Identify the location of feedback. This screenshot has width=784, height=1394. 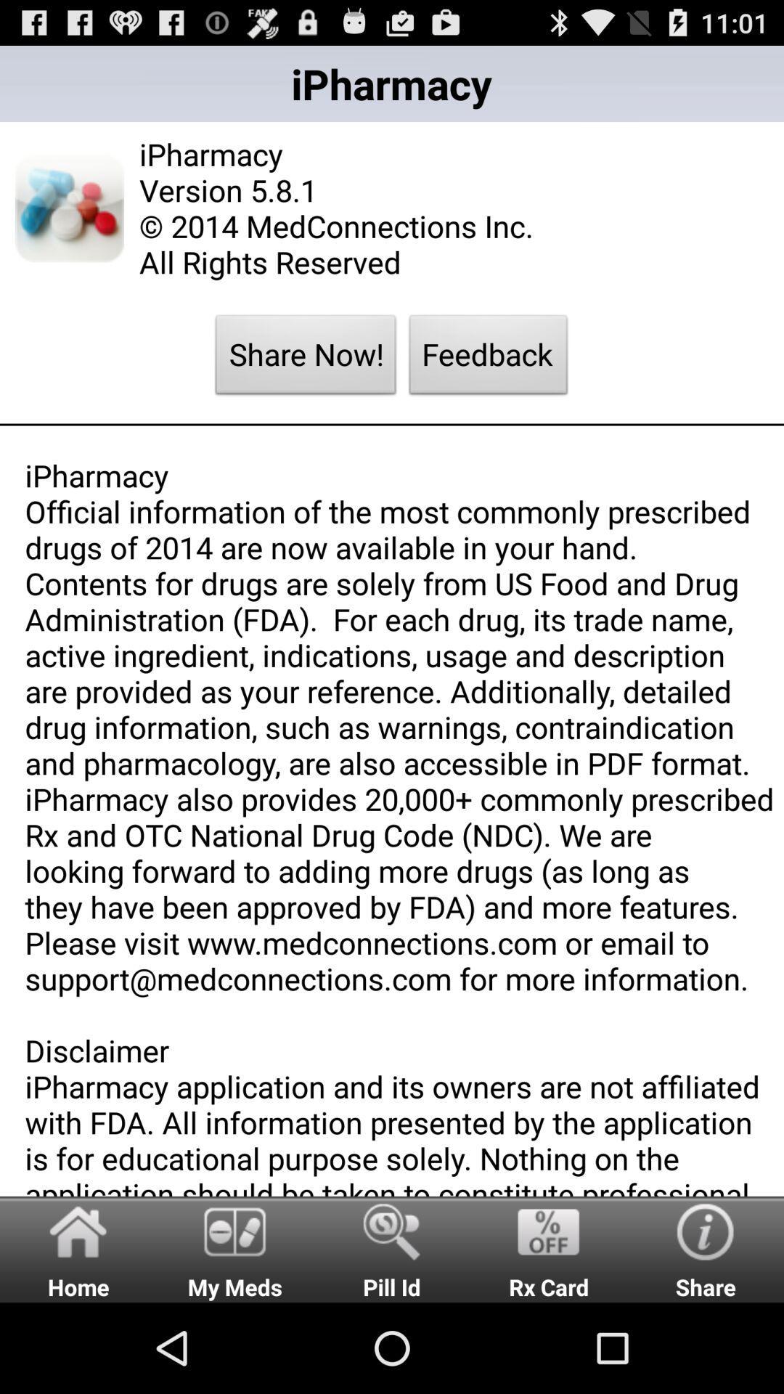
(488, 359).